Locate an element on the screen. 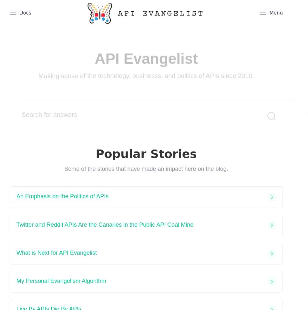  'Some of the stories that have made an impact here on the blog.' is located at coordinates (146, 169).